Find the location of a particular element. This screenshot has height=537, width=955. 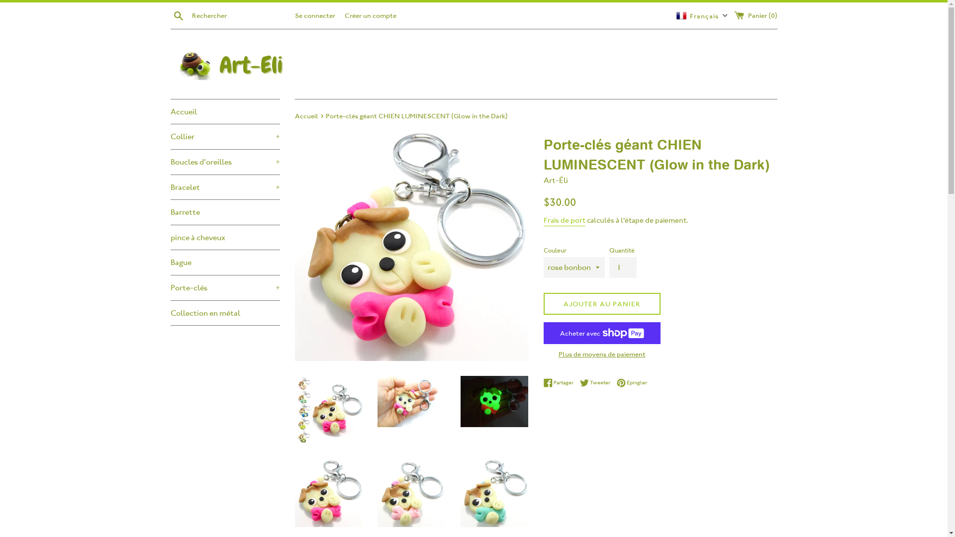

'Recherche' is located at coordinates (170, 15).